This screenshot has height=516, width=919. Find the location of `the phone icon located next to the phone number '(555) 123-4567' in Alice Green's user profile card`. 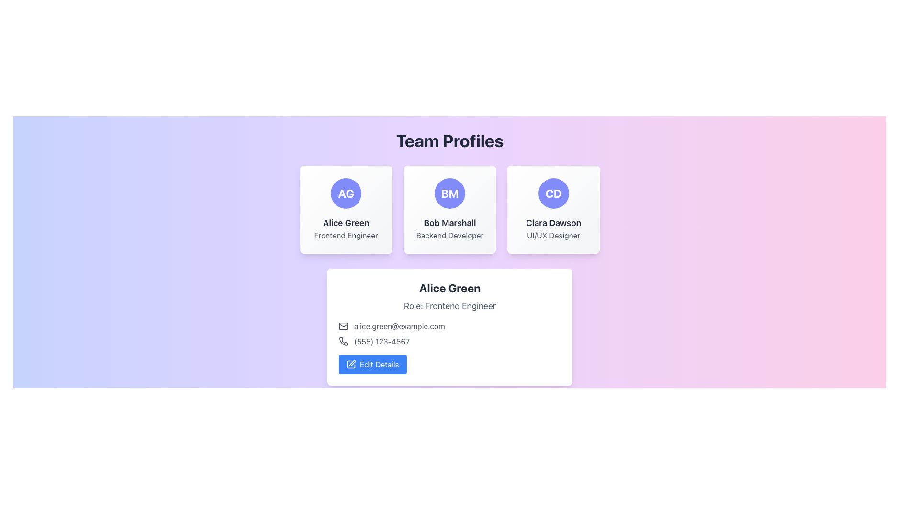

the phone icon located next to the phone number '(555) 123-4567' in Alice Green's user profile card is located at coordinates (344, 340).